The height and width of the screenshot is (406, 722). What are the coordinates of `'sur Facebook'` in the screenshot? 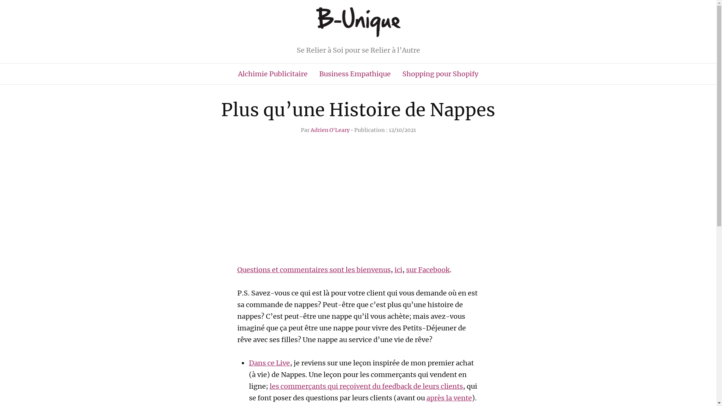 It's located at (406, 269).